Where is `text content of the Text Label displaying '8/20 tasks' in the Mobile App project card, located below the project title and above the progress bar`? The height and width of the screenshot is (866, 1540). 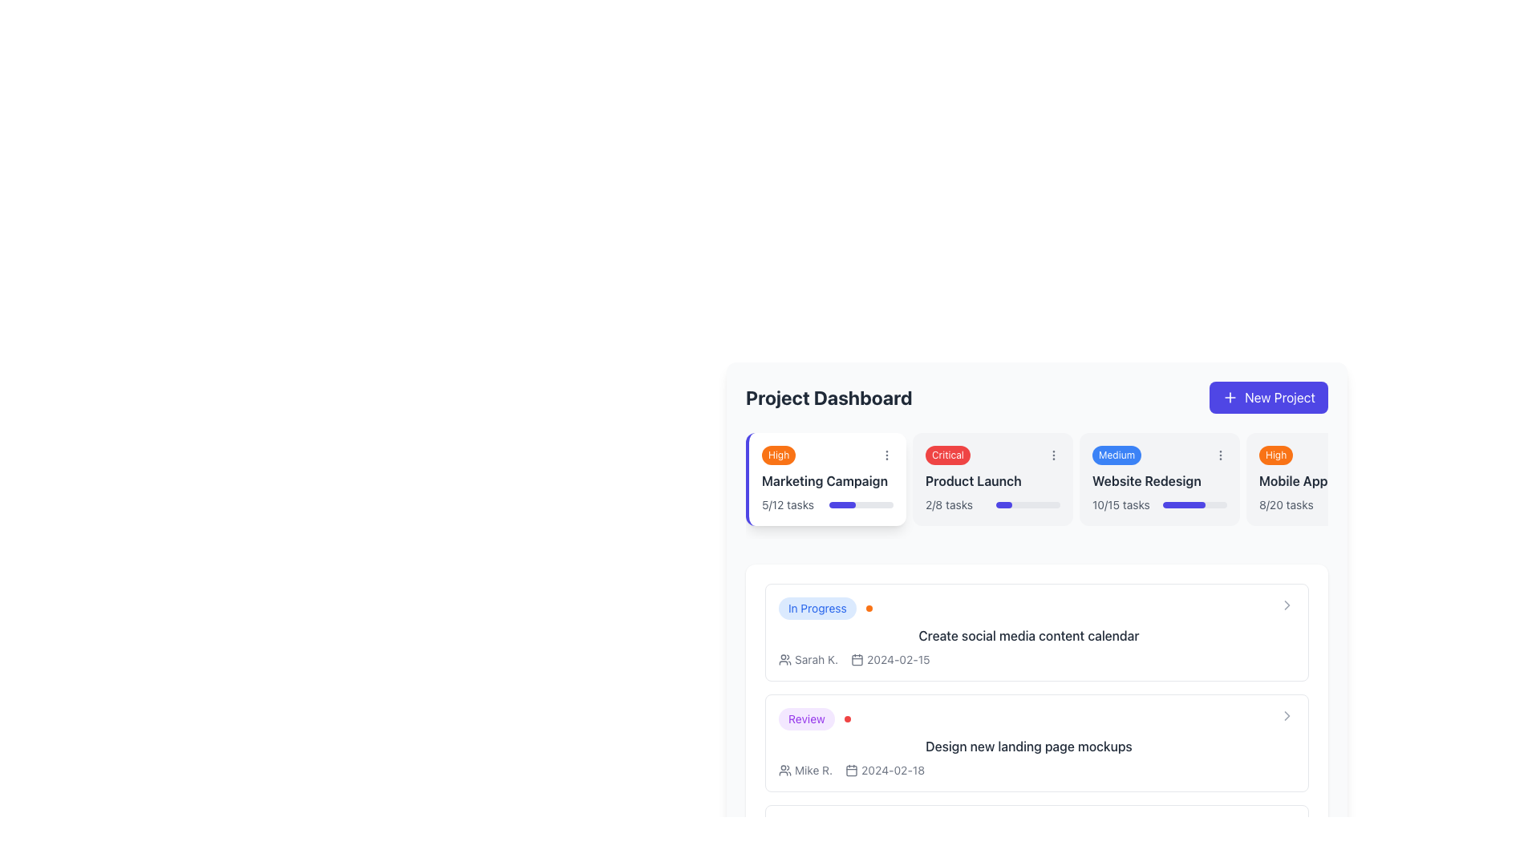 text content of the Text Label displaying '8/20 tasks' in the Mobile App project card, located below the project title and above the progress bar is located at coordinates (1286, 504).